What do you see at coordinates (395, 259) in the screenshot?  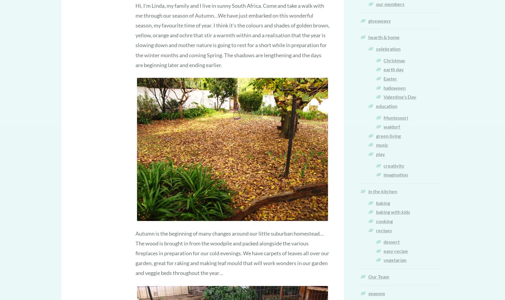 I see `'vegetarian'` at bounding box center [395, 259].